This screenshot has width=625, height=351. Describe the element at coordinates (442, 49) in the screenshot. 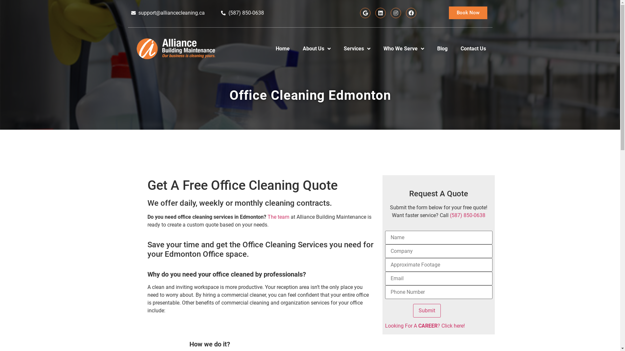

I see `'Blog'` at that location.